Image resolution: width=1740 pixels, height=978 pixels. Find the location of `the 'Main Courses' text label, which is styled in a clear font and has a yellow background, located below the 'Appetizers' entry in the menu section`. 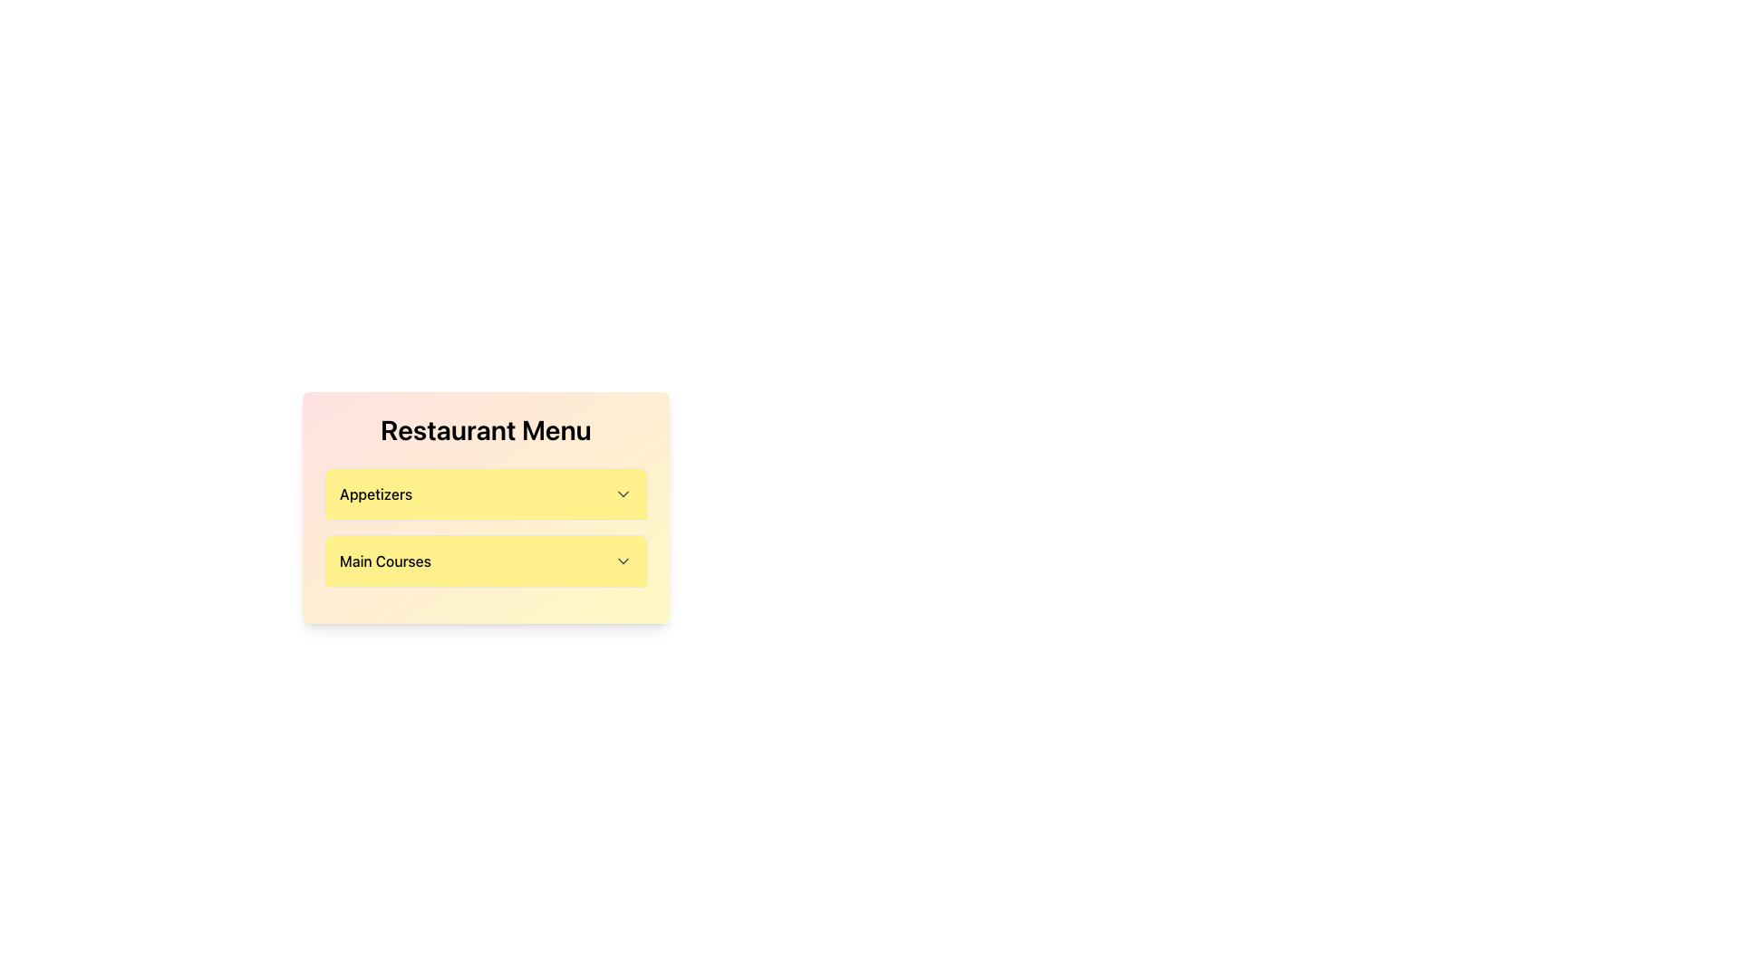

the 'Main Courses' text label, which is styled in a clear font and has a yellow background, located below the 'Appetizers' entry in the menu section is located at coordinates (384, 561).